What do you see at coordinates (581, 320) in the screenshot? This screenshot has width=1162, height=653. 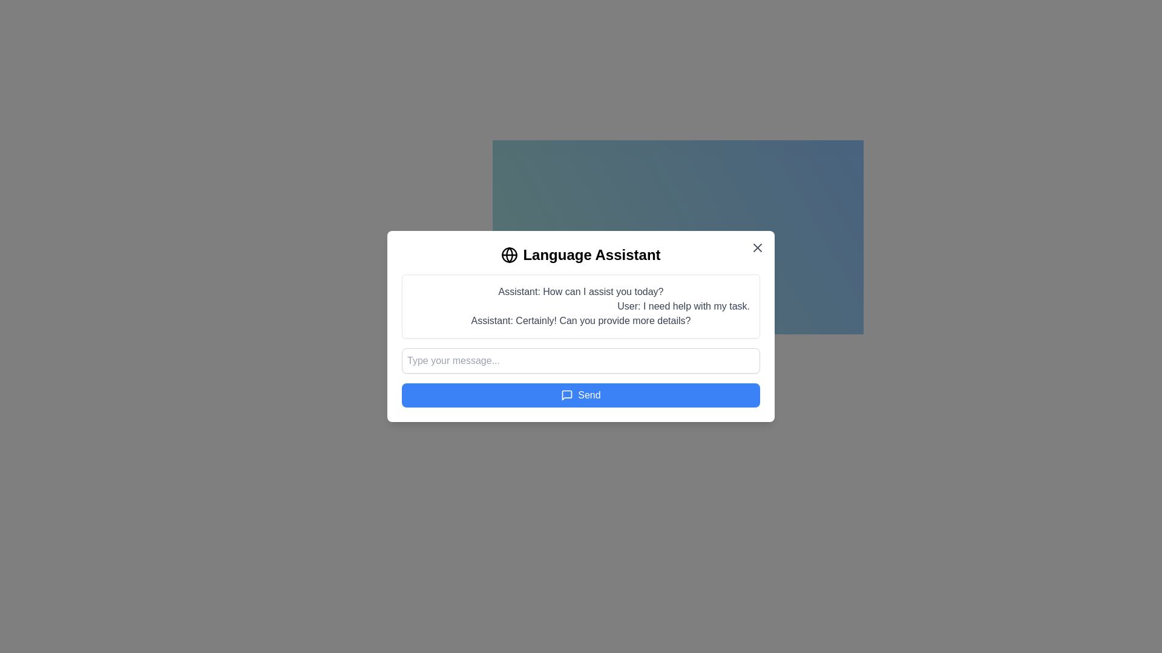 I see `the static text message component in the chat interface, which is the last item in a group of three lines, positioned below the 'User: I need help with my task.' line` at bounding box center [581, 320].